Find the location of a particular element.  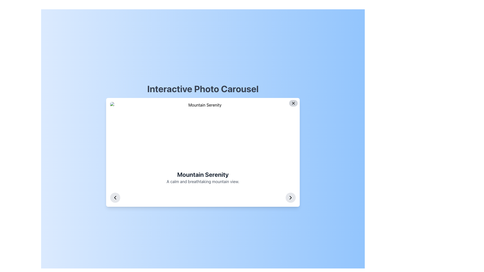

the close button represented by an 'X' icon within a circular button in the top-right corner of the 'Interactive Photo Carousel' dialog box to trigger hover effects is located at coordinates (293, 103).